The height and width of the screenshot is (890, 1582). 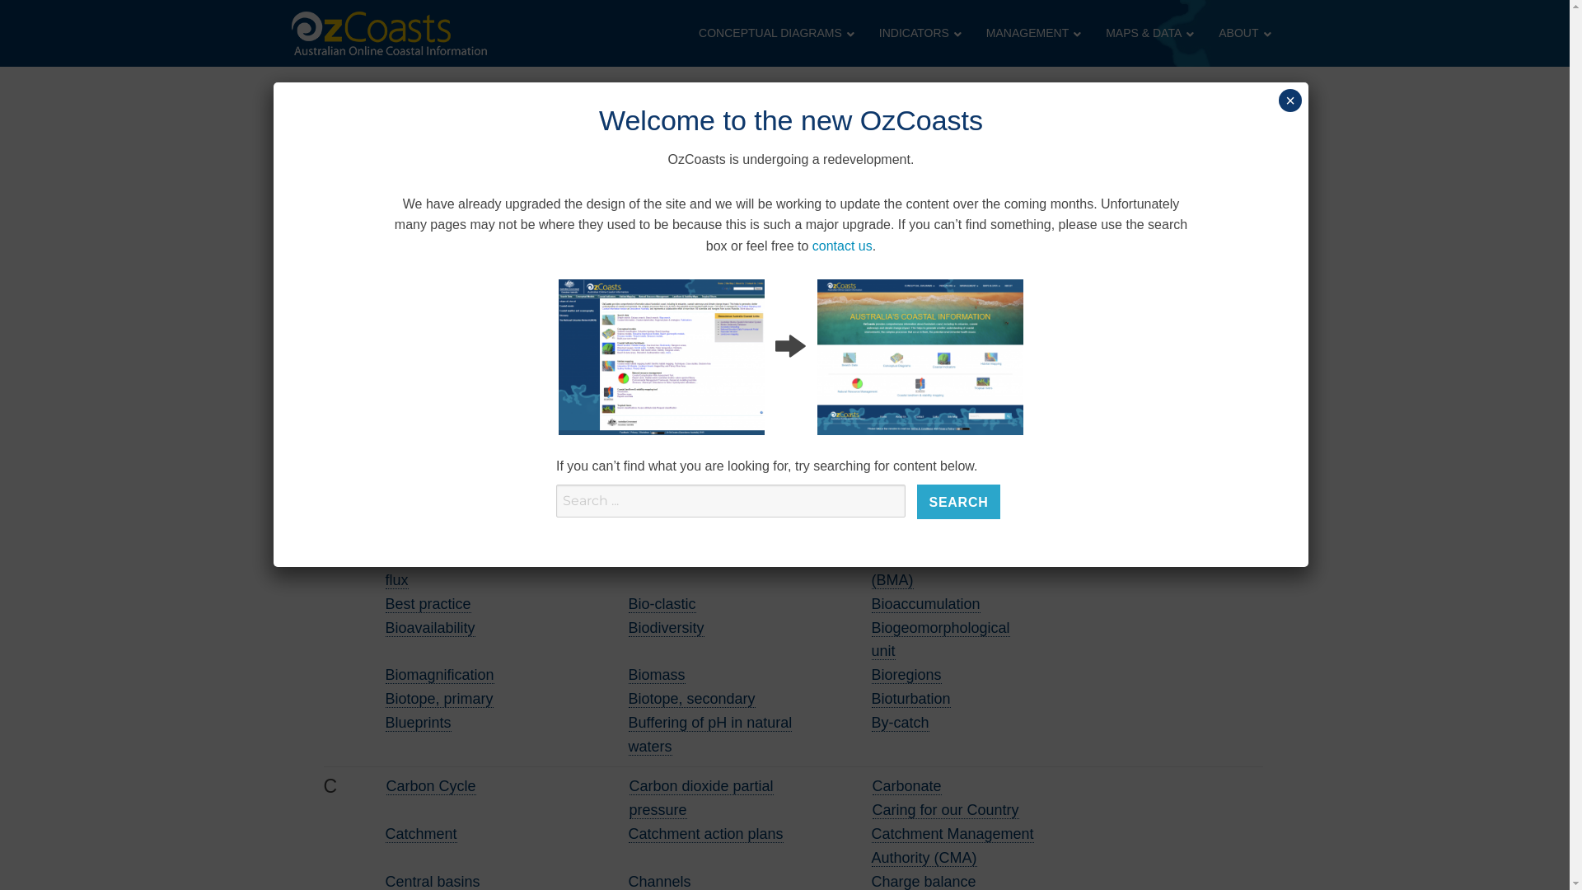 I want to click on 'Search', so click(x=957, y=501).